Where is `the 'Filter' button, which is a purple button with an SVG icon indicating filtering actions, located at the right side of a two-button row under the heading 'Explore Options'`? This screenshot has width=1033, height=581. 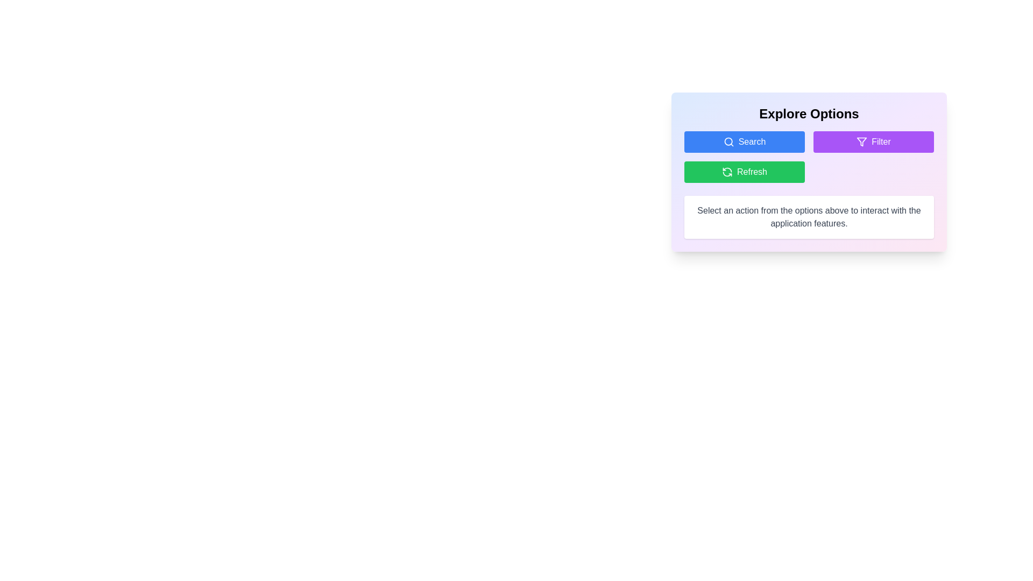 the 'Filter' button, which is a purple button with an SVG icon indicating filtering actions, located at the right side of a two-button row under the heading 'Explore Options' is located at coordinates (862, 141).